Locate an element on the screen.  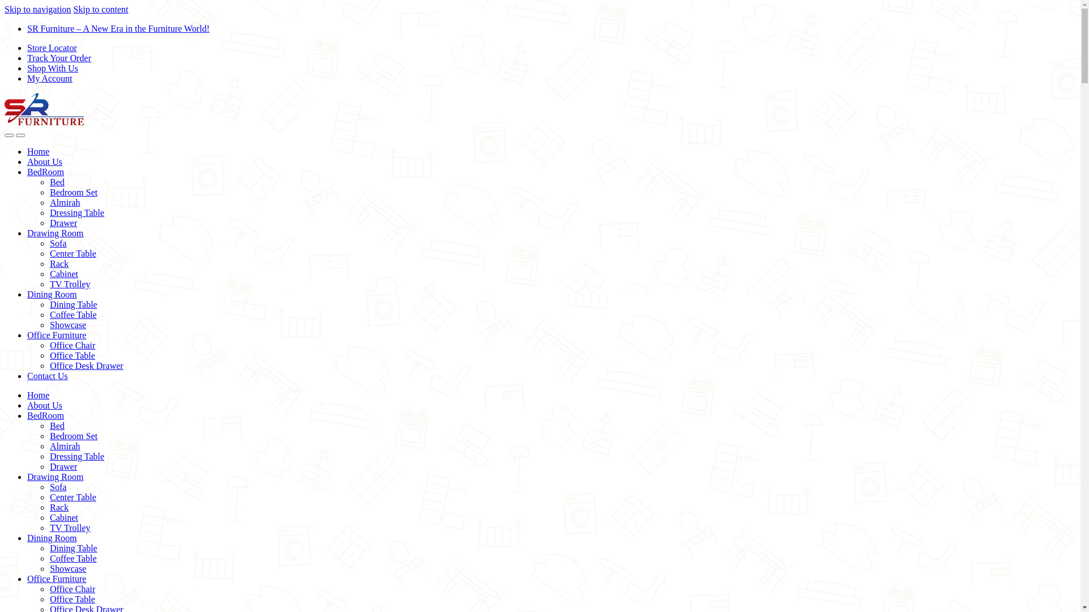
'My Account' is located at coordinates (49, 78).